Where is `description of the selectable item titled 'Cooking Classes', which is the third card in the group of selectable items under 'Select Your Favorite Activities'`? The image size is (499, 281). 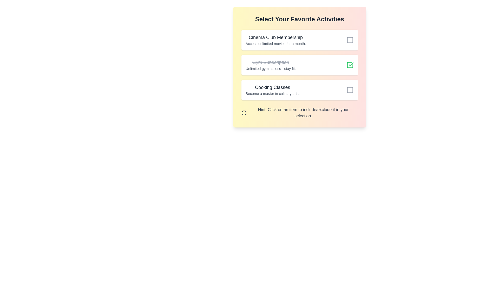 description of the selectable item titled 'Cooking Classes', which is the third card in the group of selectable items under 'Select Your Favorite Activities' is located at coordinates (299, 90).